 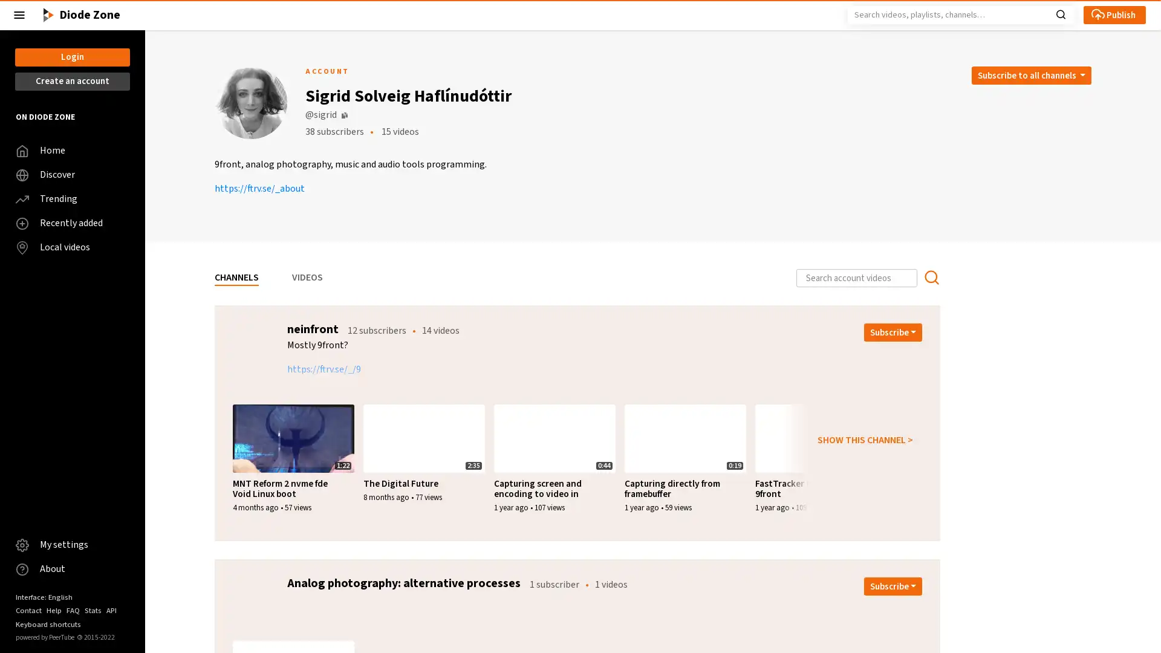 What do you see at coordinates (19, 15) in the screenshot?
I see `Close the left menu` at bounding box center [19, 15].